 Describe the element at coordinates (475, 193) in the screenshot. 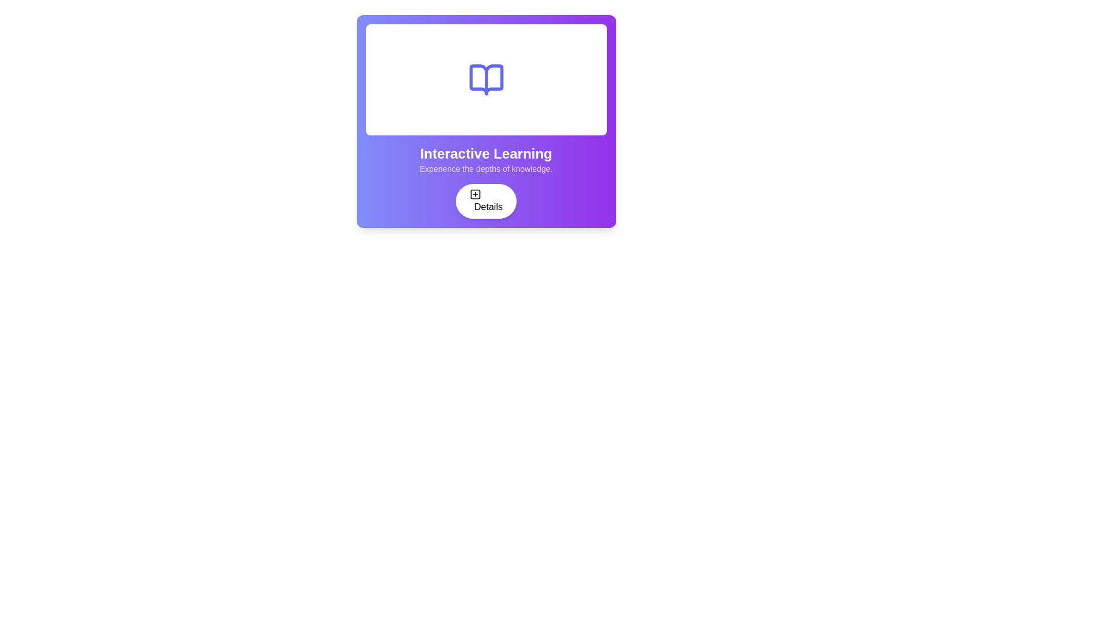

I see `the small square-shaped icon with a plus symbol inside it, located to the left of the 'Details' text on the button at the bottom part of the card element` at that location.